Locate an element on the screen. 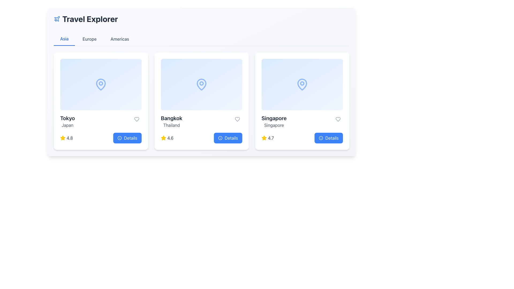 The width and height of the screenshot is (514, 289). the SVG icon within the 'Details' button located at the bottom right corner of the travel destination card for 'Tokyo' is located at coordinates (119, 138).